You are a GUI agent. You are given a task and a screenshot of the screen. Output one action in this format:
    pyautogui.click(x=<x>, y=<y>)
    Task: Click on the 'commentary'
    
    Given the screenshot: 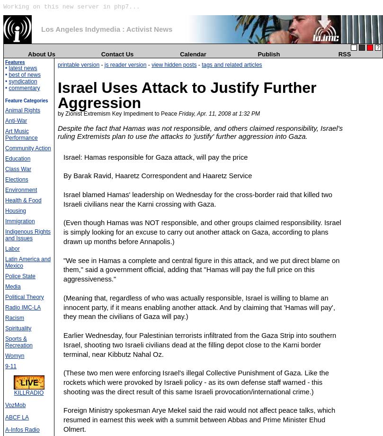 What is the action you would take?
    pyautogui.click(x=24, y=88)
    